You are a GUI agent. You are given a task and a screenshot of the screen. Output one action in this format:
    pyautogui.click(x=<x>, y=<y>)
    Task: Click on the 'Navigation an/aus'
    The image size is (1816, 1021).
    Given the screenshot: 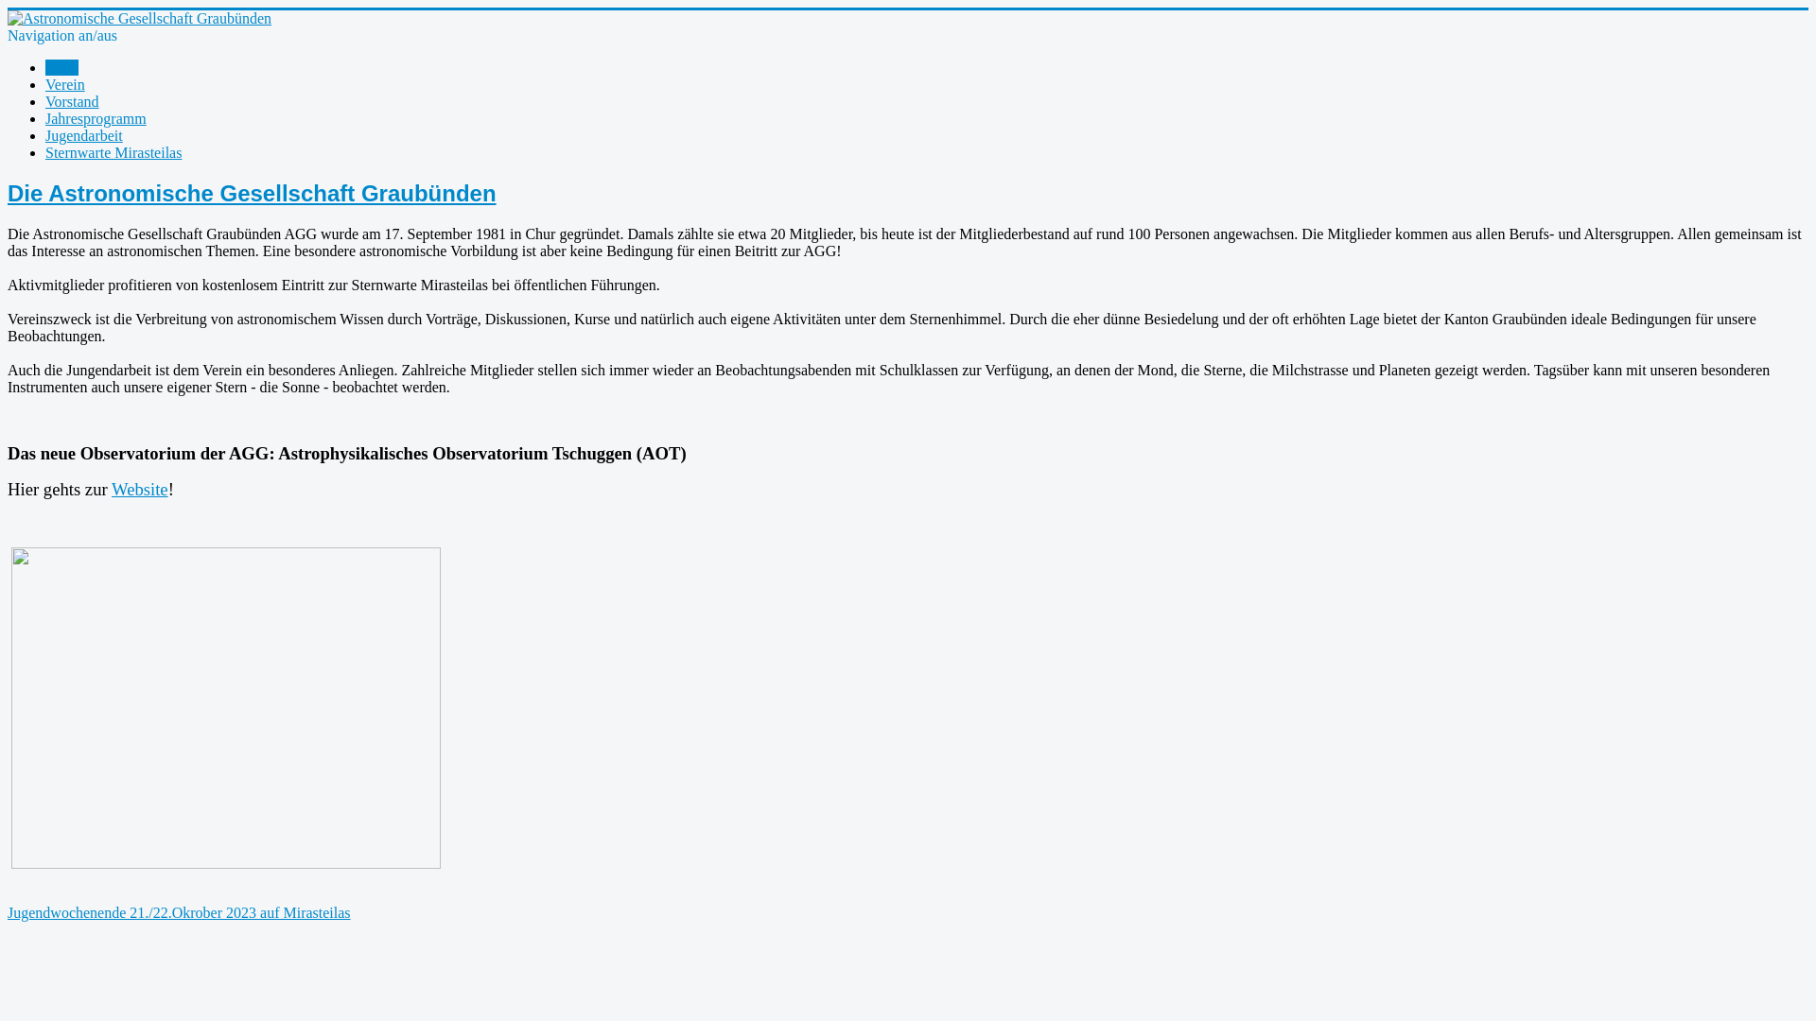 What is the action you would take?
    pyautogui.click(x=62, y=35)
    